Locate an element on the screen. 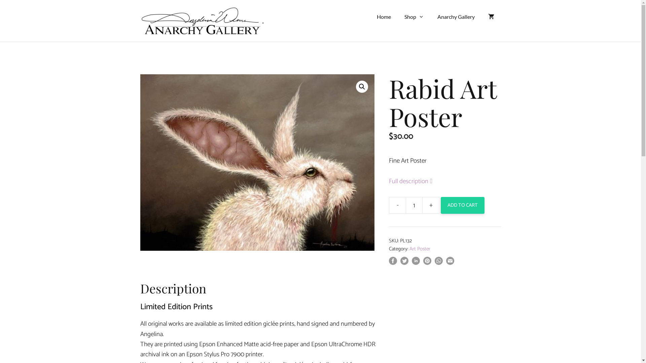 This screenshot has width=646, height=363. 'Anarchy Gallery' is located at coordinates (431, 16).